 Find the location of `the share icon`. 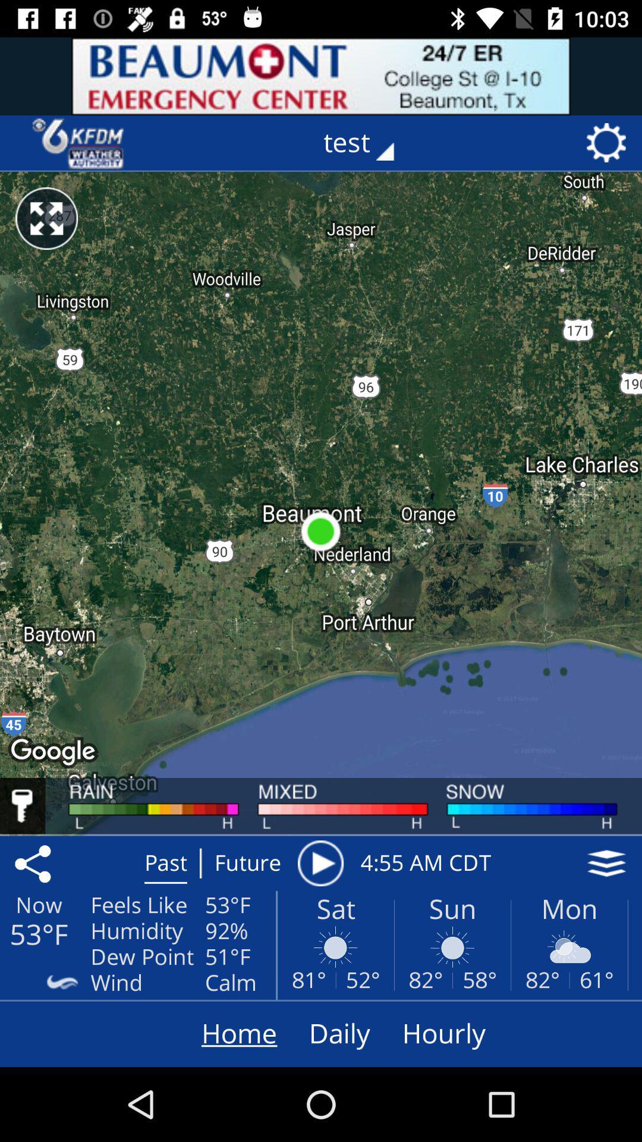

the share icon is located at coordinates (34, 863).